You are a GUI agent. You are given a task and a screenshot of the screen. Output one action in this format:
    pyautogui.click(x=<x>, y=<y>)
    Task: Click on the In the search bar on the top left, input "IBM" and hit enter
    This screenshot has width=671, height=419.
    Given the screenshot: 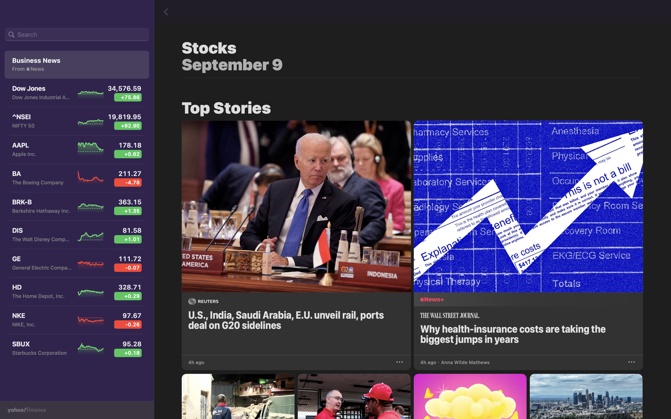 What is the action you would take?
    pyautogui.click(x=77, y=35)
    